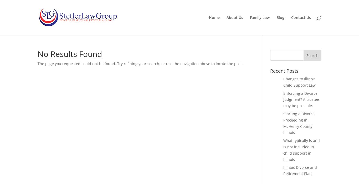  Describe the element at coordinates (300, 170) in the screenshot. I see `'Illinois Divorce and Retirement Plans'` at that location.